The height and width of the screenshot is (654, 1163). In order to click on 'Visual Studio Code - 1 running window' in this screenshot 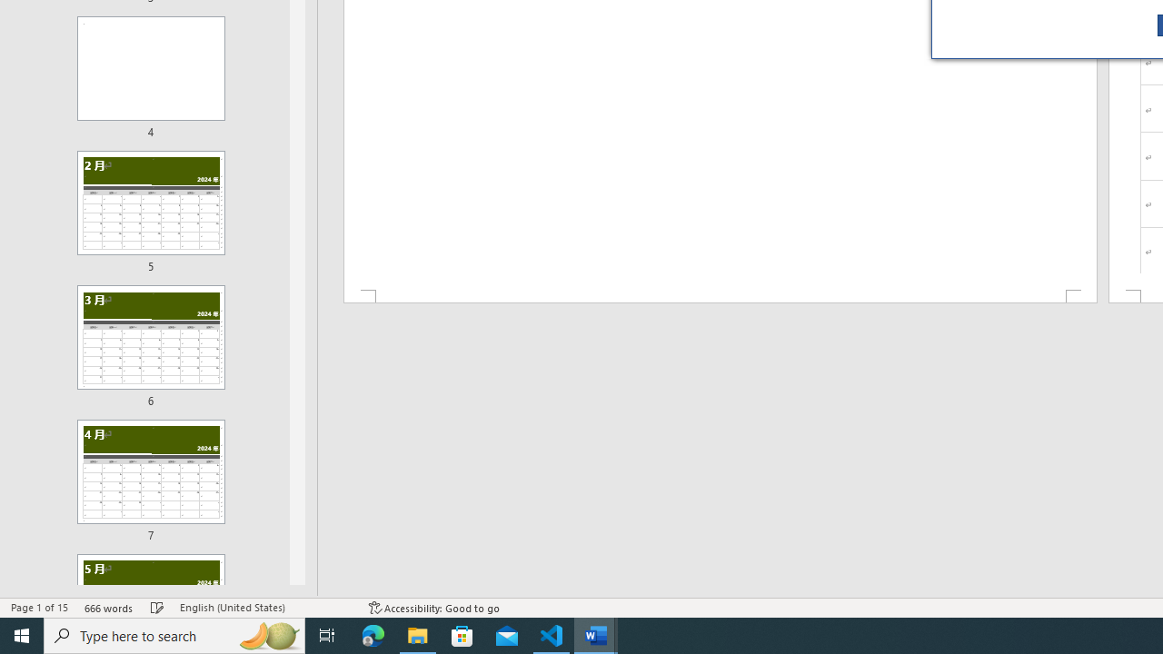, I will do `click(551, 634)`.